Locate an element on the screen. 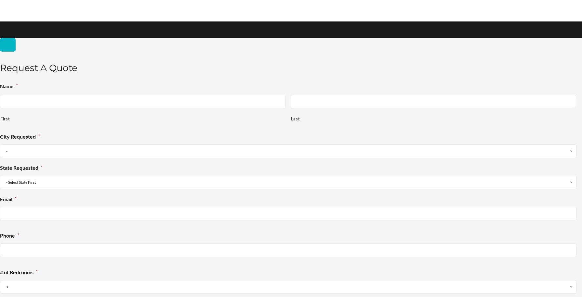 This screenshot has height=297, width=582. 'Phone' is located at coordinates (7, 236).